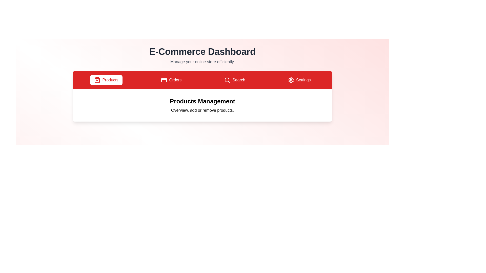 The image size is (486, 273). What do you see at coordinates (227, 80) in the screenshot?
I see `the circular part of the 'Search' icon located in the red navigation bar, positioned between the 'Orders' and 'Settings' icons` at bounding box center [227, 80].